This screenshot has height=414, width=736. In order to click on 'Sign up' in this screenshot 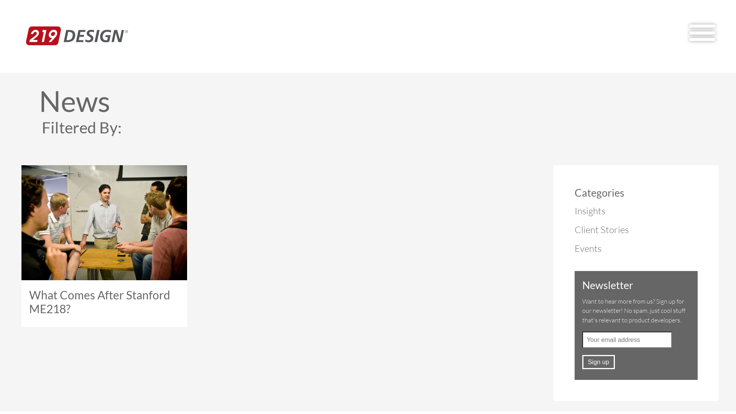, I will do `click(582, 362)`.